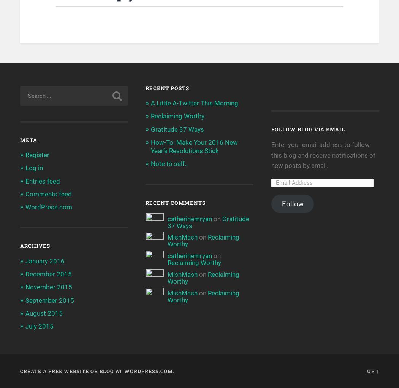 The image size is (399, 388). What do you see at coordinates (43, 313) in the screenshot?
I see `'August 2015'` at bounding box center [43, 313].